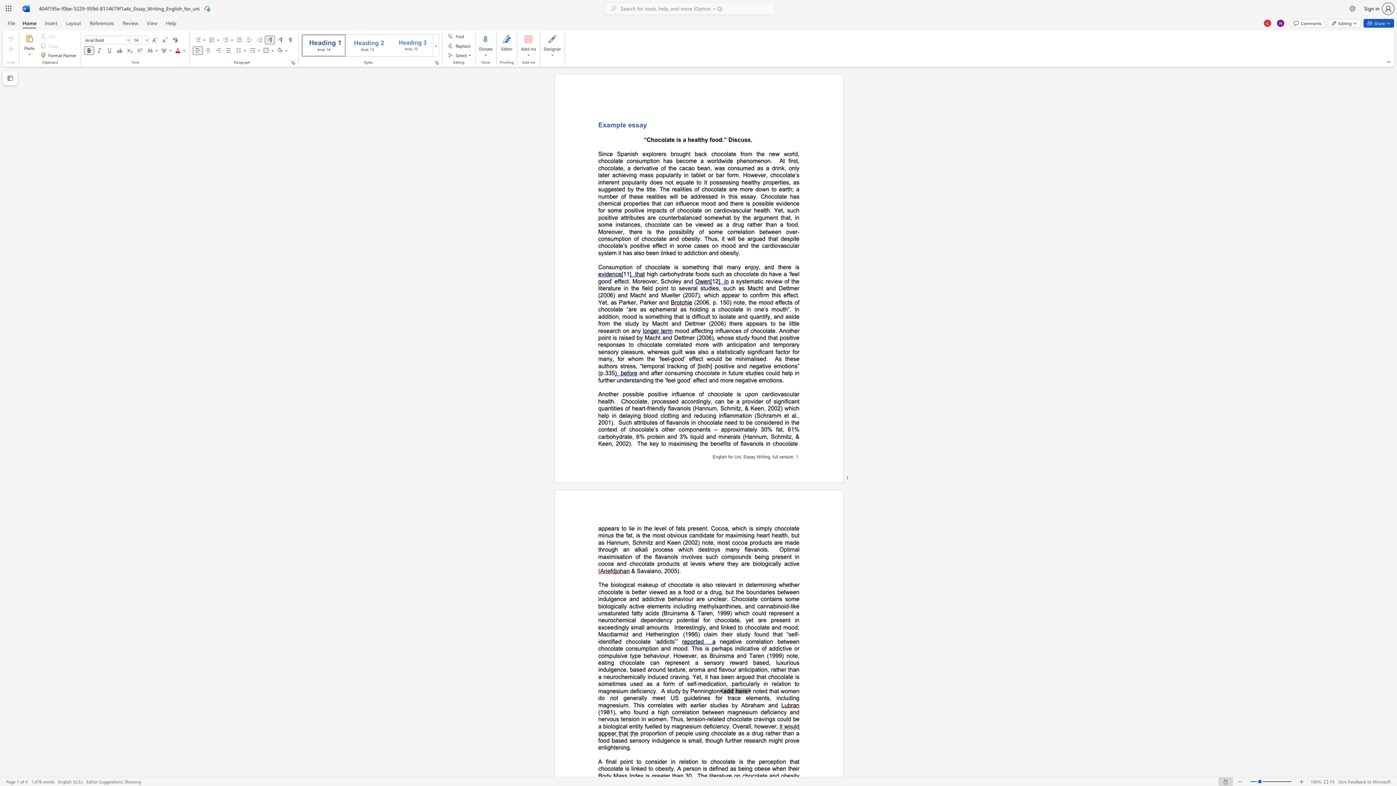 This screenshot has height=786, width=1397. I want to click on the subset text "oral tracking of [both] positive and negative e" within the text "As these authors stress, “temporal tracking of [both] positive and negative emotions” (p.335", so click(655, 366).